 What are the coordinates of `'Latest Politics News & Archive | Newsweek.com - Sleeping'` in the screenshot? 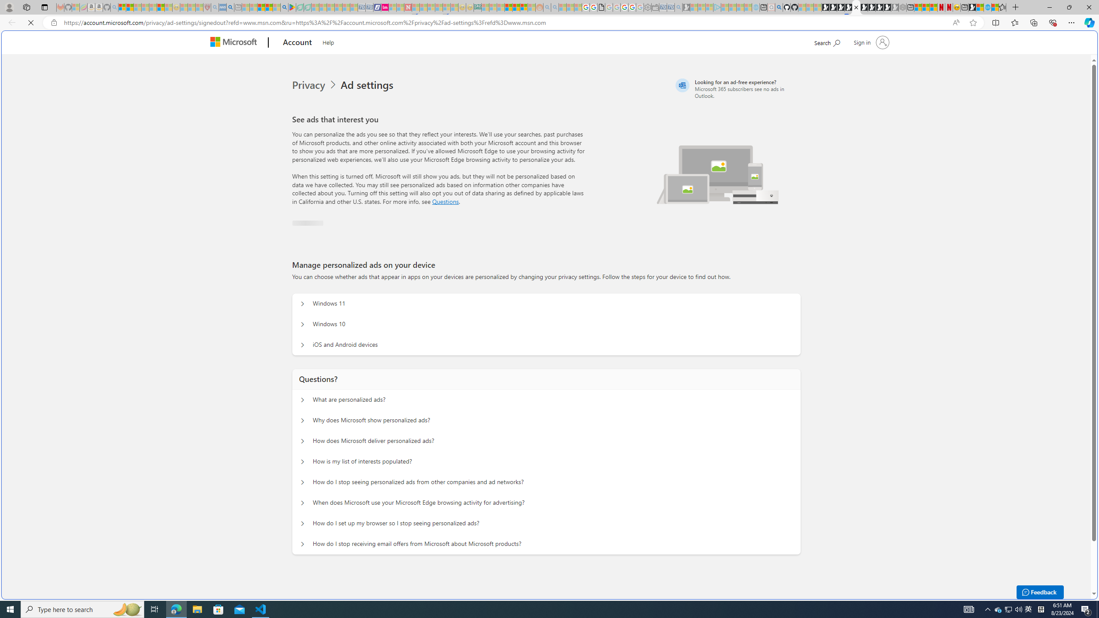 It's located at (407, 7).